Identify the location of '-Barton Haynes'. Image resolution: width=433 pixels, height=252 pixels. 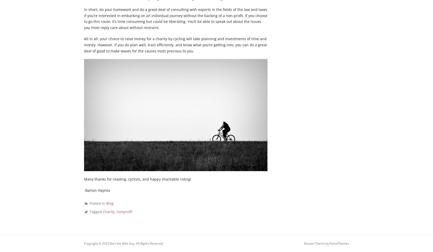
(97, 190).